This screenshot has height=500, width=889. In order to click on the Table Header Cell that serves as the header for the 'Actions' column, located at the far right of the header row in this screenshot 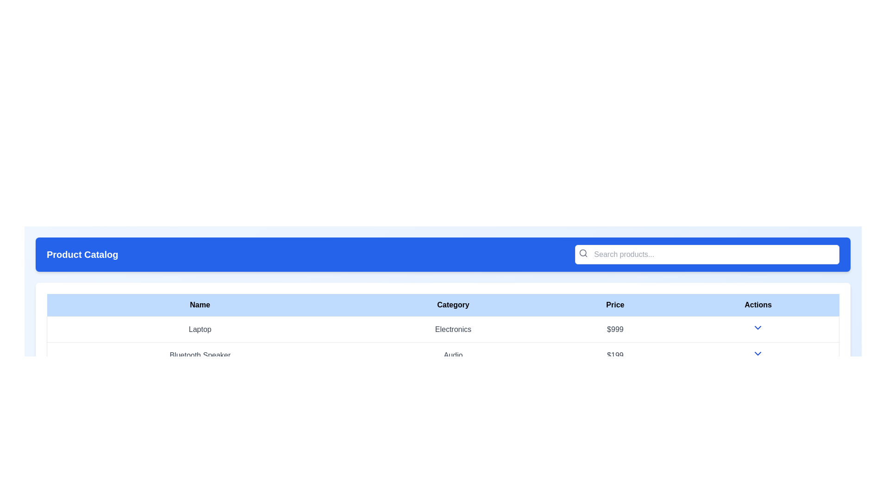, I will do `click(758, 305)`.